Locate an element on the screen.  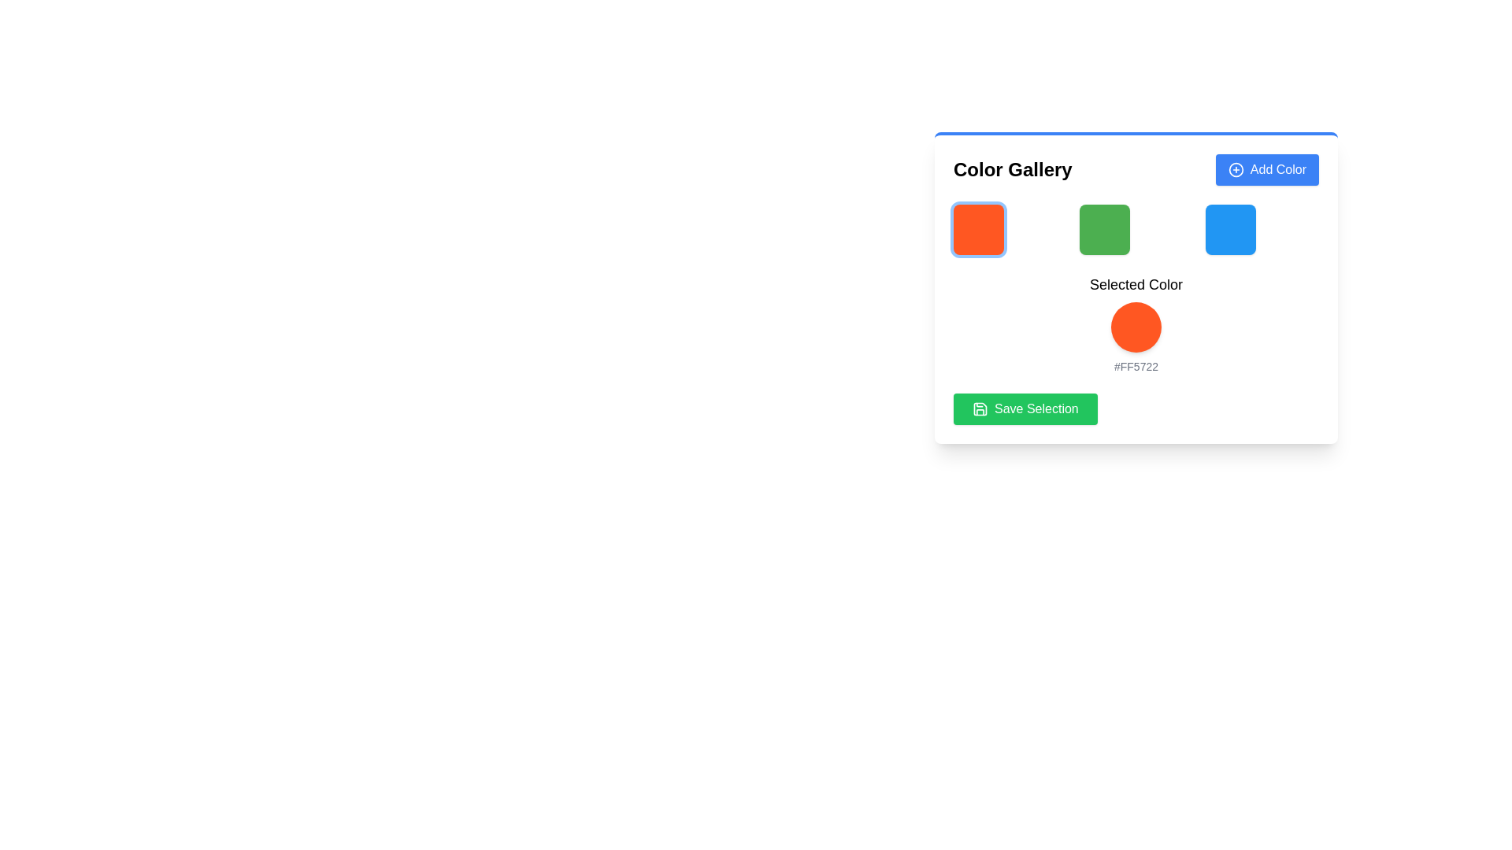
textual information from the 'Selected Color' display component, which includes the text 'Selected Color' and the hexadecimal color code '#FF5722' is located at coordinates (1136, 289).